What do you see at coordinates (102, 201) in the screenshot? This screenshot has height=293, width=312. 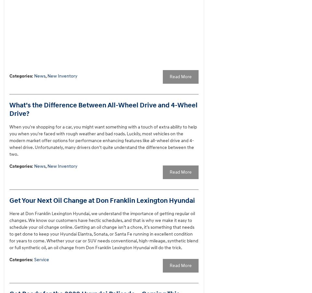 I see `'Get Your Next Oil Change at Don Franklin Lexington Hyundai'` at bounding box center [102, 201].